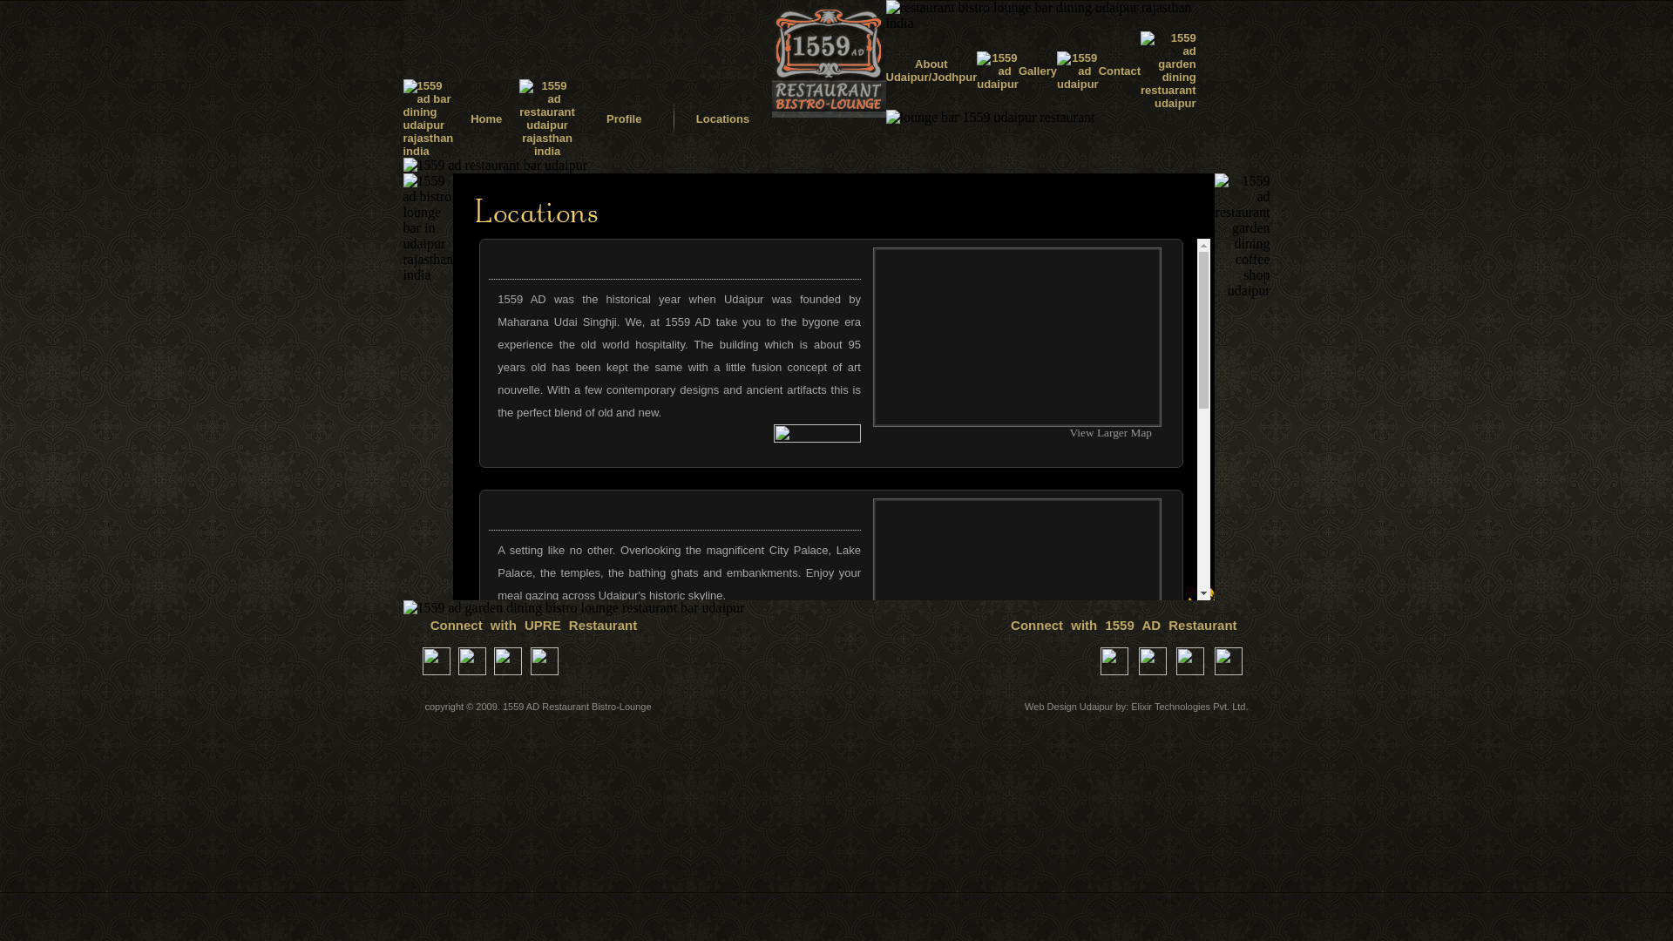 Image resolution: width=1673 pixels, height=941 pixels. I want to click on '1559 ad udaipur', so click(998, 69).